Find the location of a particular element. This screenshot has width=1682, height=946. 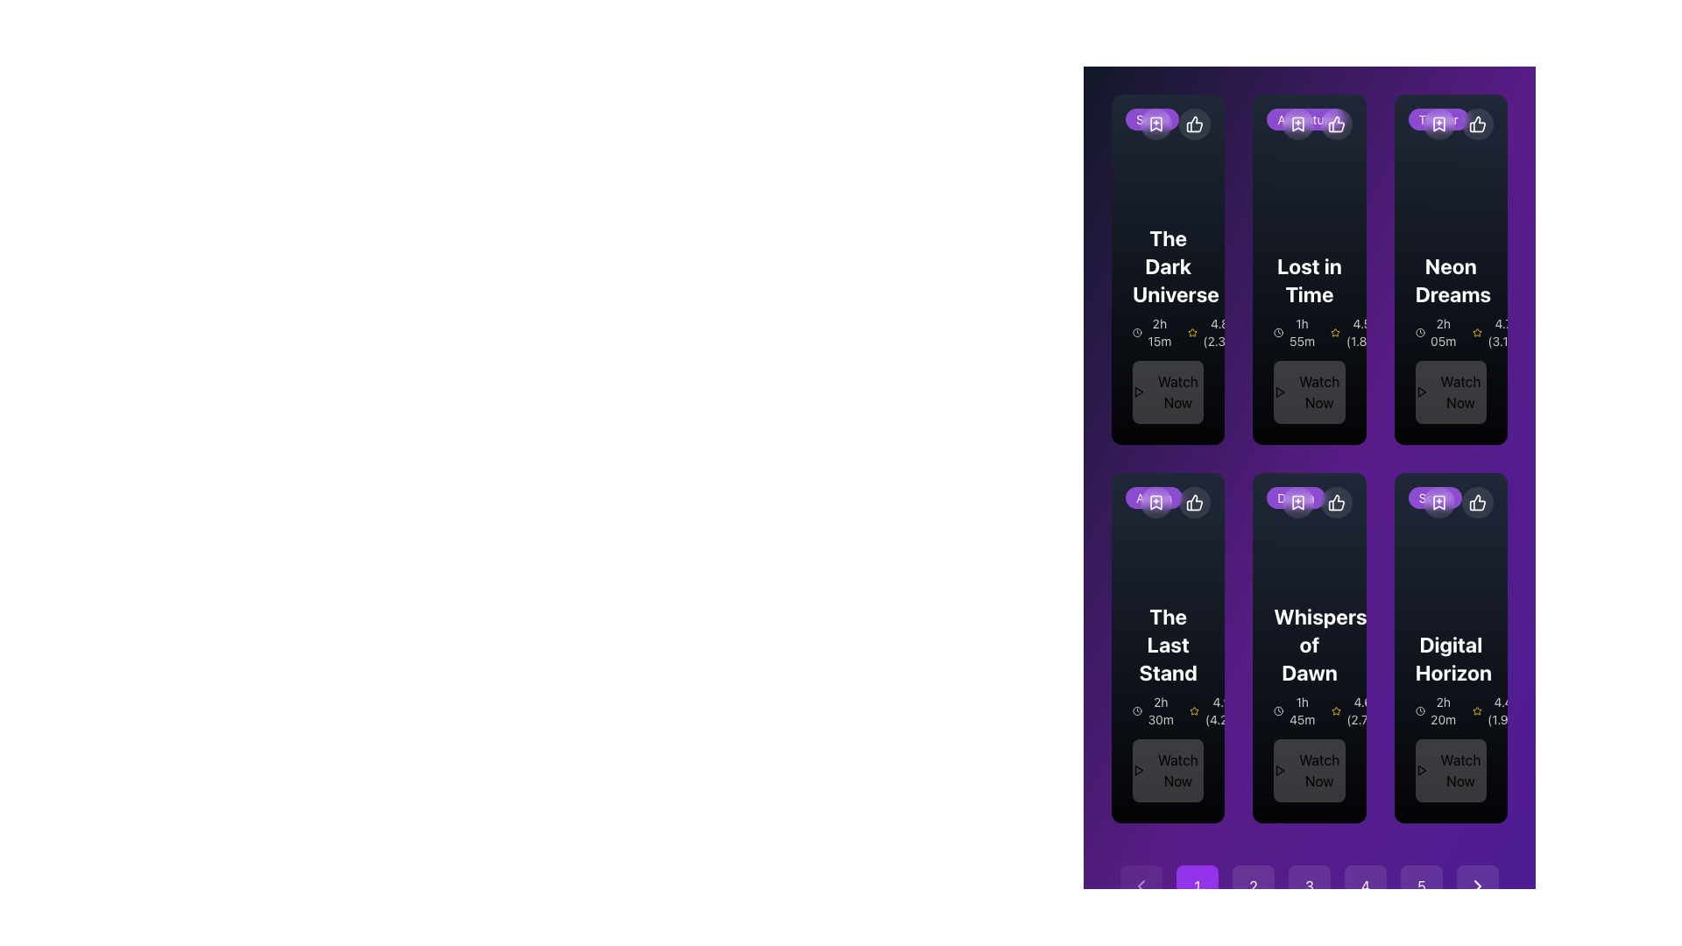

the second circular button with a white icon located at the top-right corner of its associated card is located at coordinates (1194, 503).